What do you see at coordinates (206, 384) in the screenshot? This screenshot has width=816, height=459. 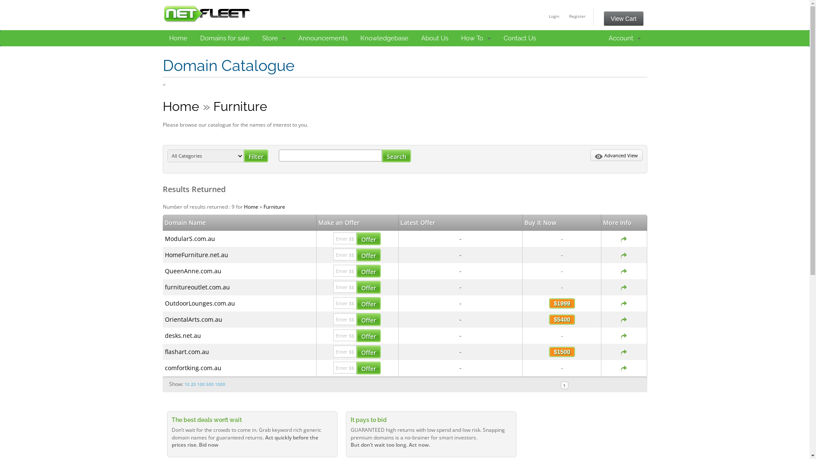 I see `'500'` at bounding box center [206, 384].